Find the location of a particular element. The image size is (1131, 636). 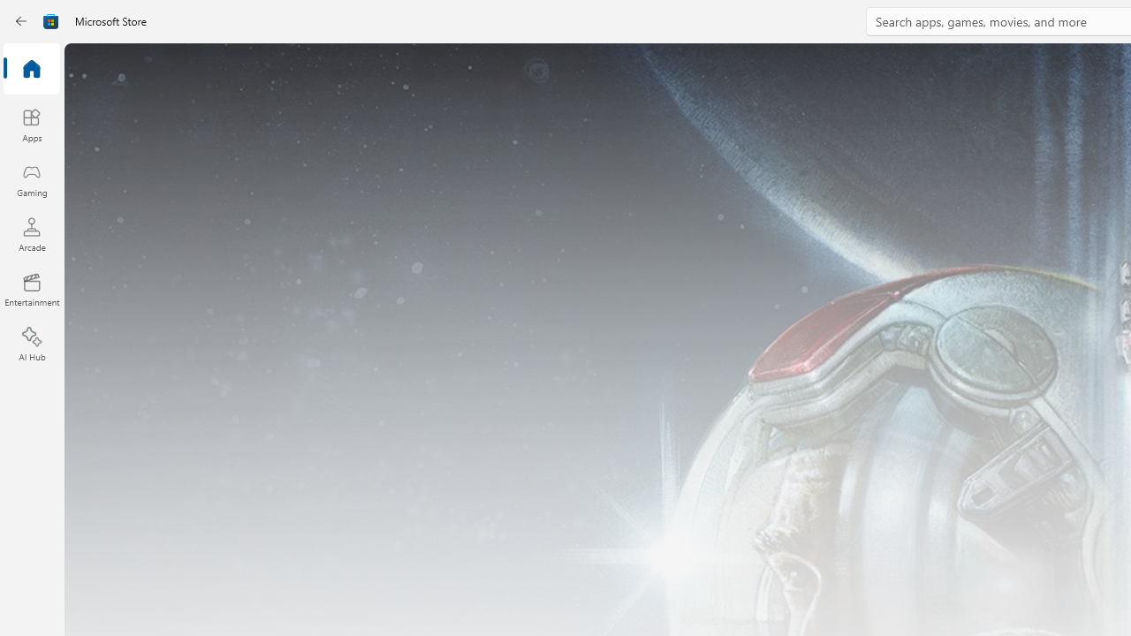

'Back' is located at coordinates (21, 21).